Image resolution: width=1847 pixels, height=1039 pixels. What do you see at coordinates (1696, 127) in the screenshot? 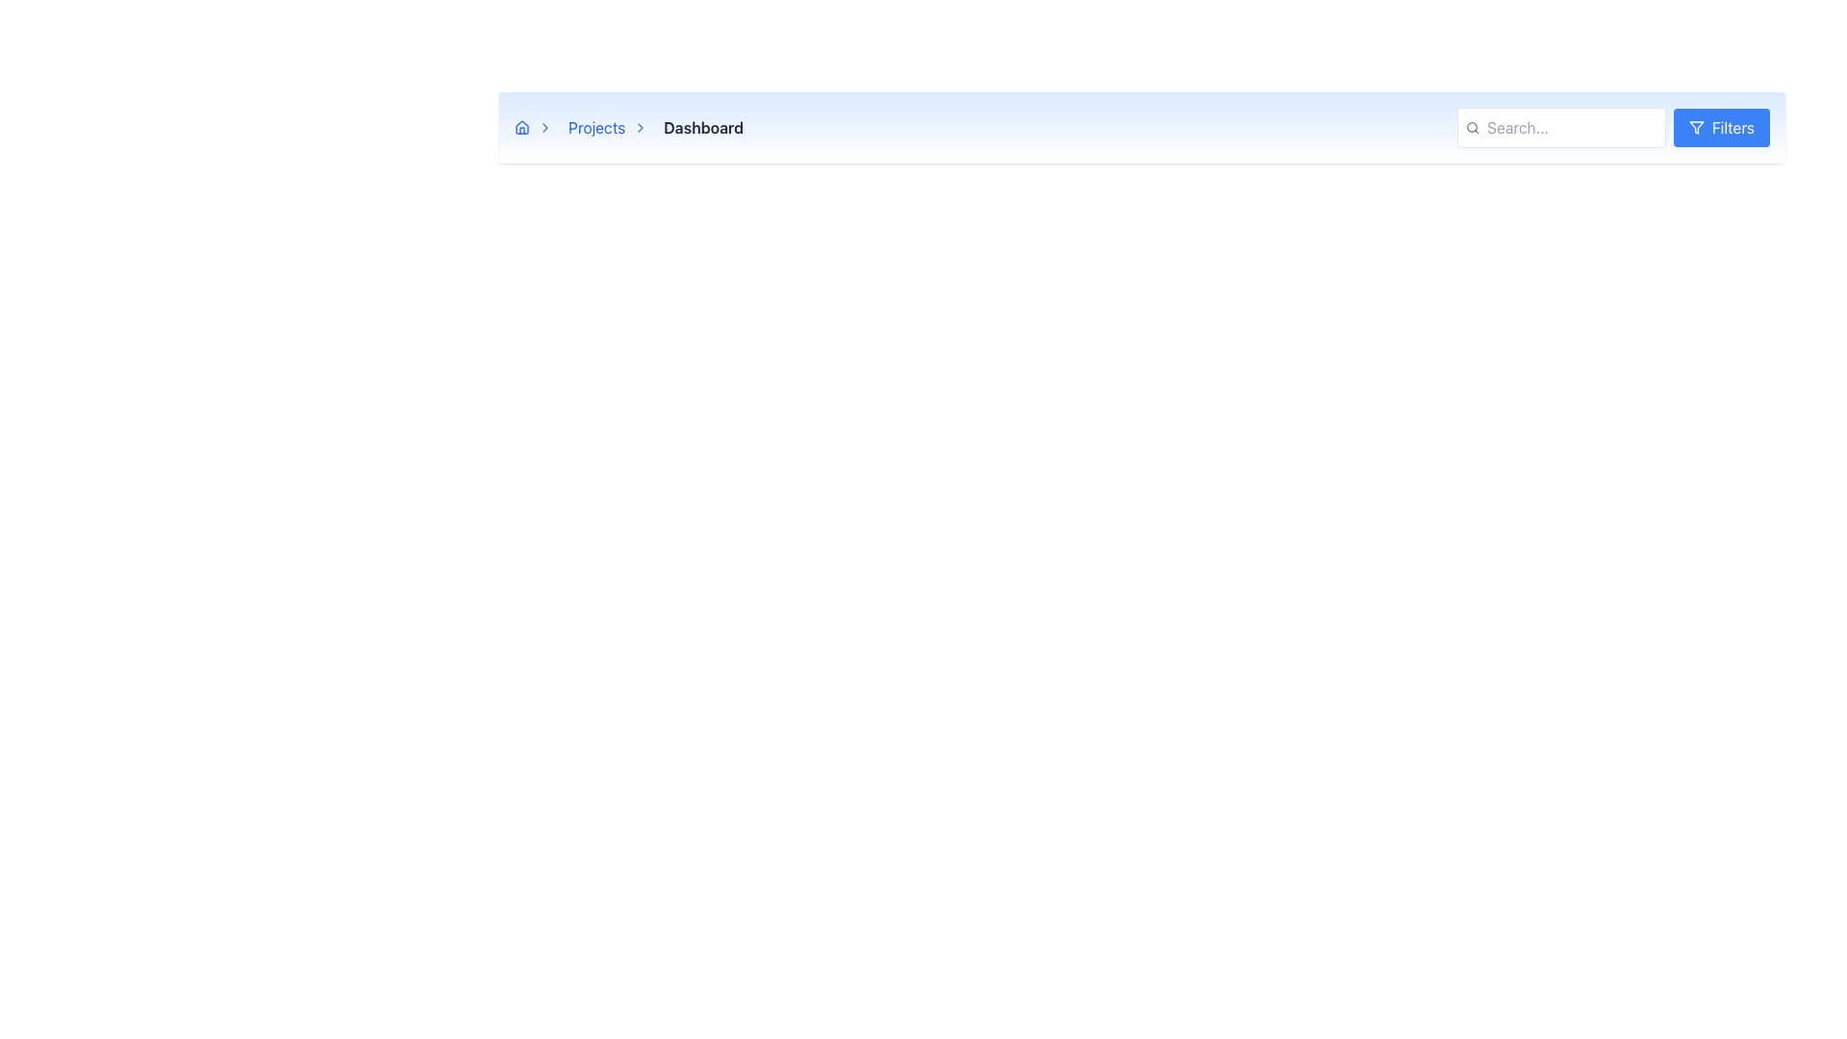
I see `the 'Filters' button that contains the filter icon, which is located in the top-right corner of the interface header` at bounding box center [1696, 127].